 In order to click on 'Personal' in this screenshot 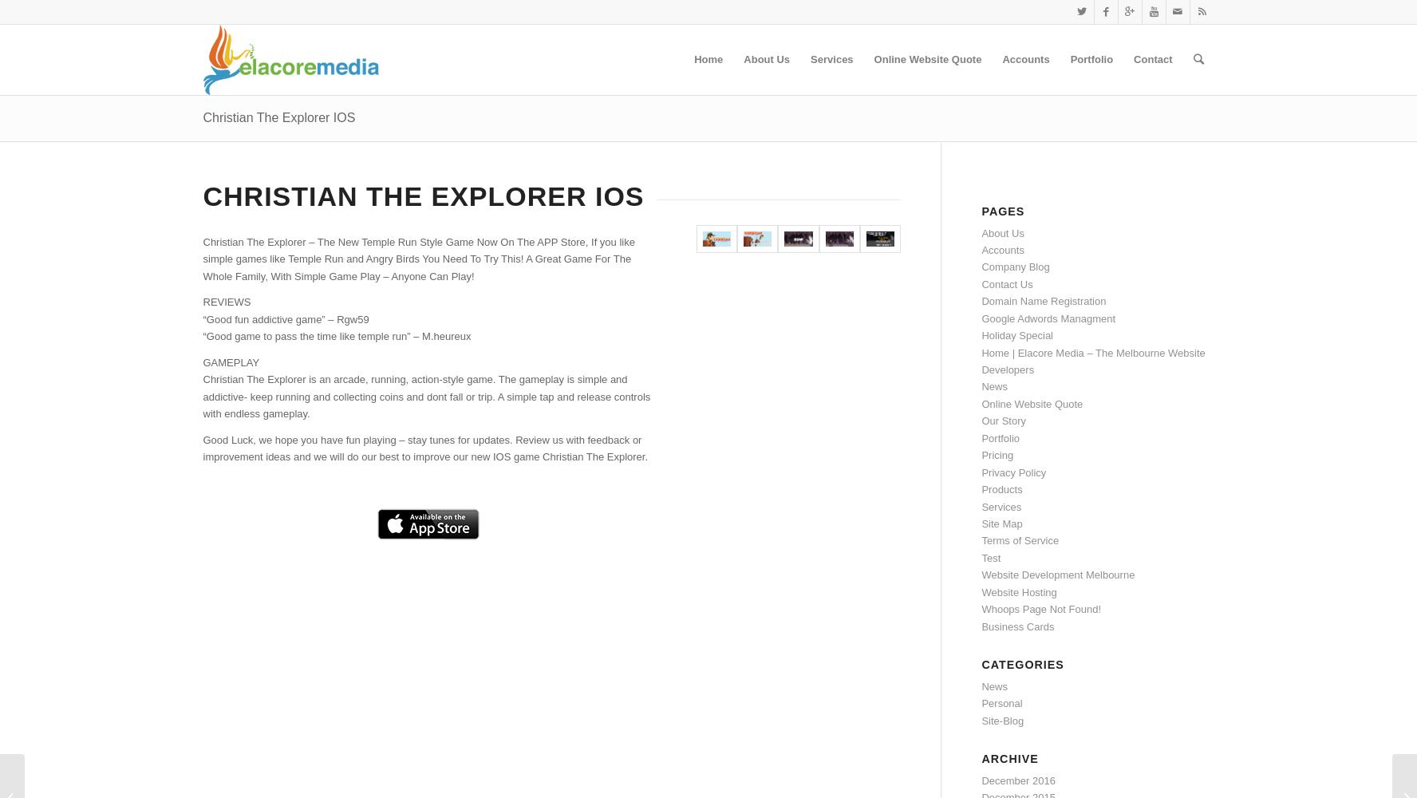, I will do `click(1001, 703)`.